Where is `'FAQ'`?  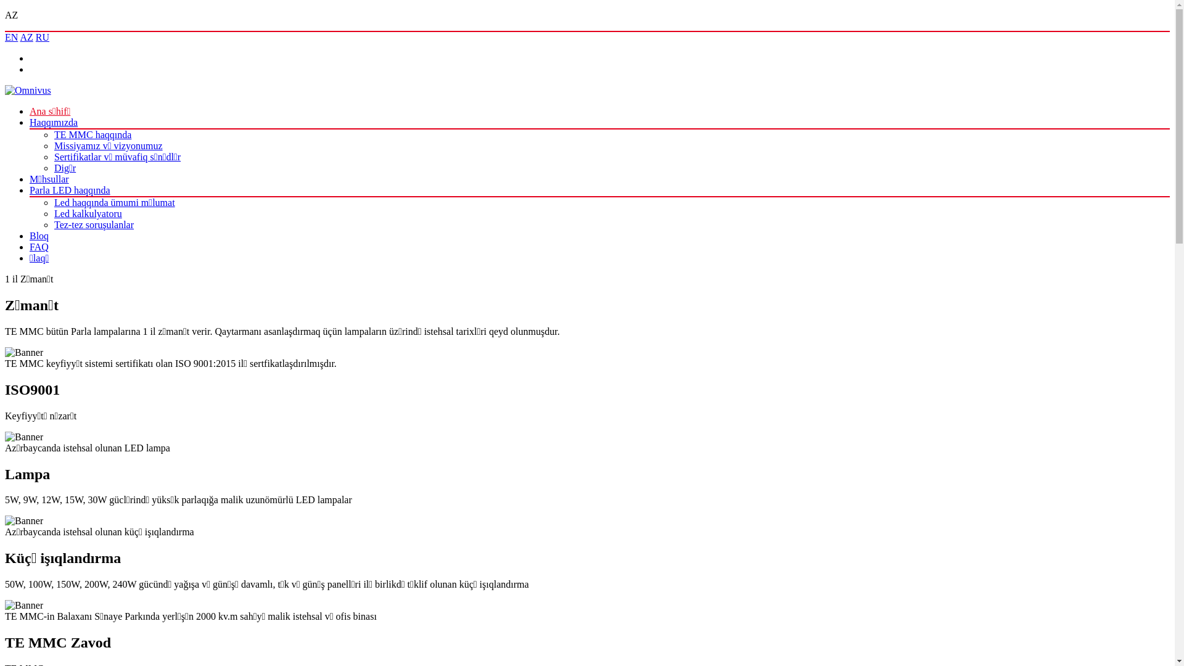
'FAQ' is located at coordinates (39, 247).